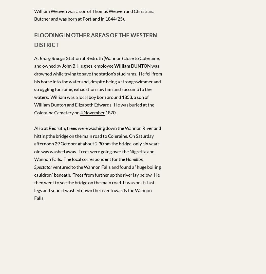  What do you see at coordinates (34, 182) in the screenshot?
I see `'ventured to the Wannon Falls and found a “huge boiling cauldron” beneath.  Trees from further up the river lay below.  He then went to see the bridge on the main road. It was on its last legs and soon it washed down the river towards the Wannon Falls.'` at bounding box center [34, 182].